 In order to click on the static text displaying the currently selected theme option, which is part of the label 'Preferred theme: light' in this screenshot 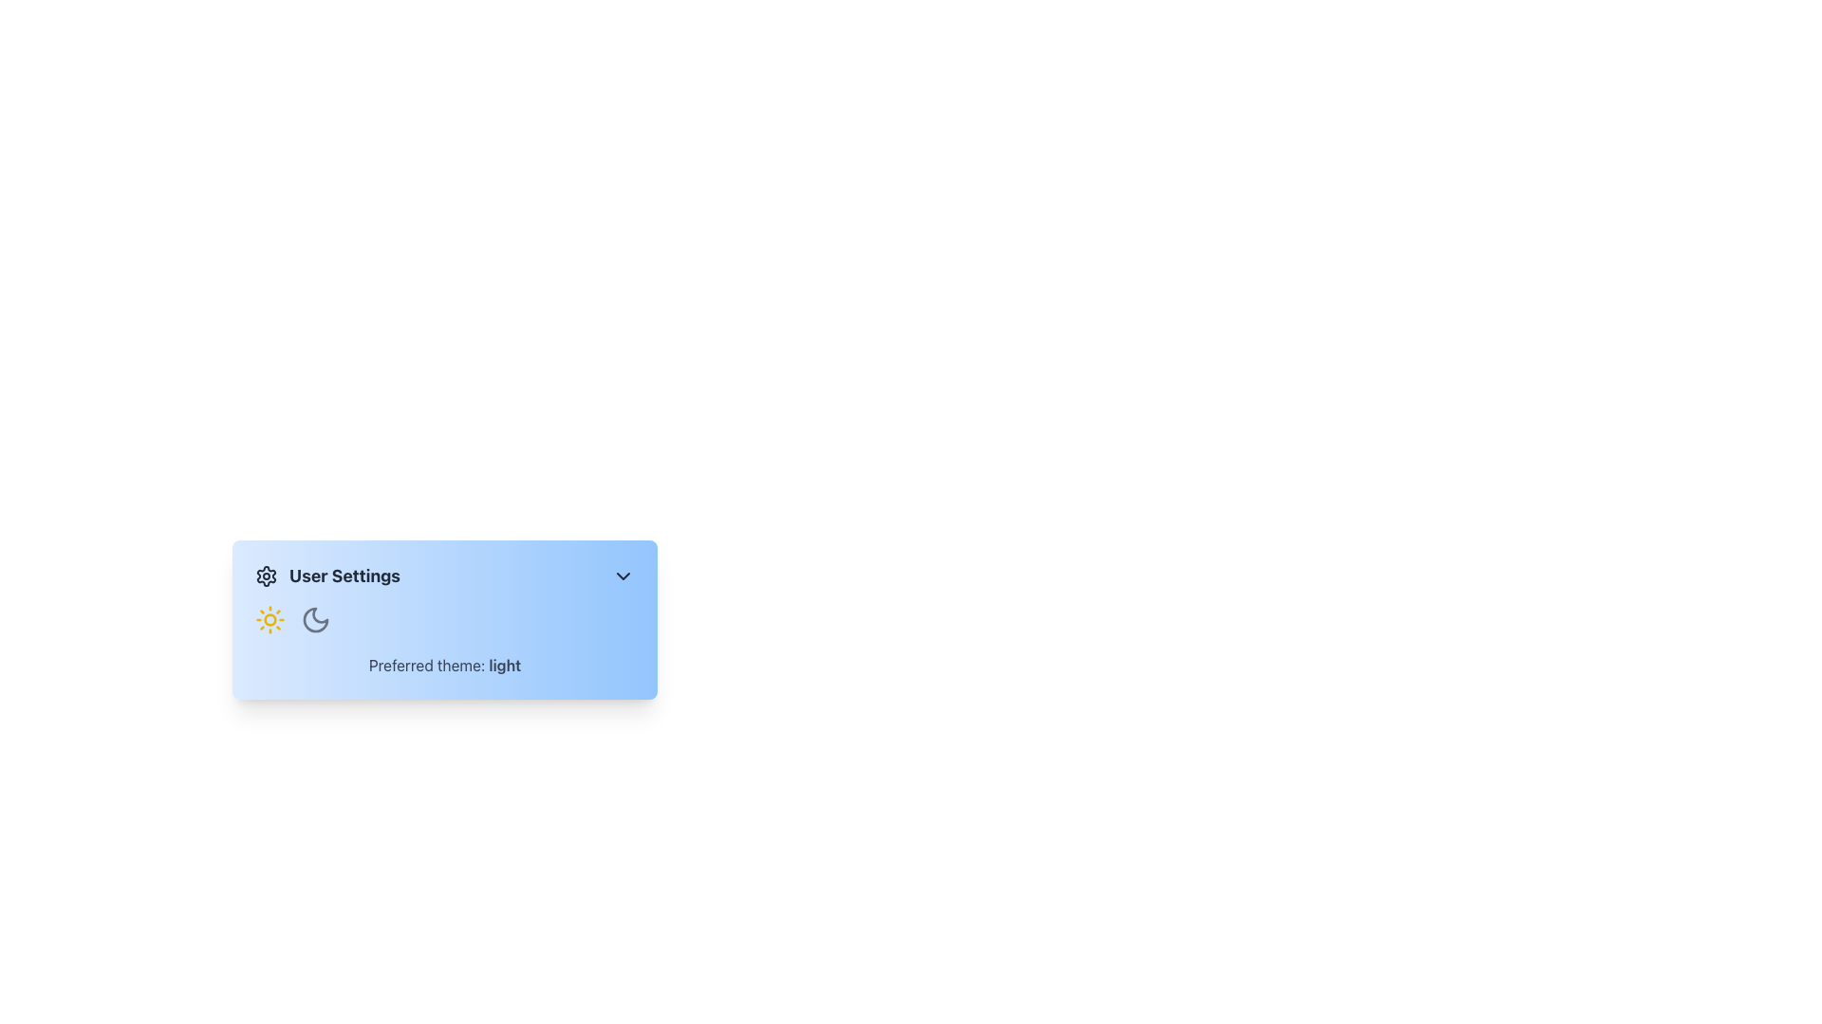, I will do `click(505, 665)`.